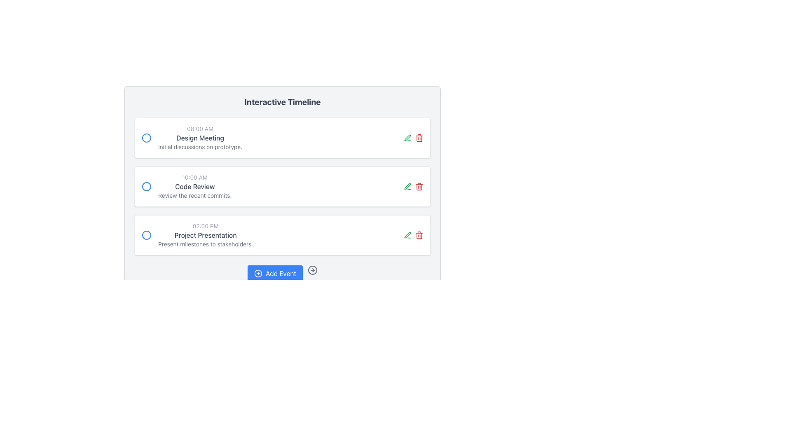 This screenshot has width=791, height=445. What do you see at coordinates (146, 138) in the screenshot?
I see `the first circular icon in the interactive timeline, which is positioned to the left of the event labeled '08:00 AM Design Meeting'` at bounding box center [146, 138].